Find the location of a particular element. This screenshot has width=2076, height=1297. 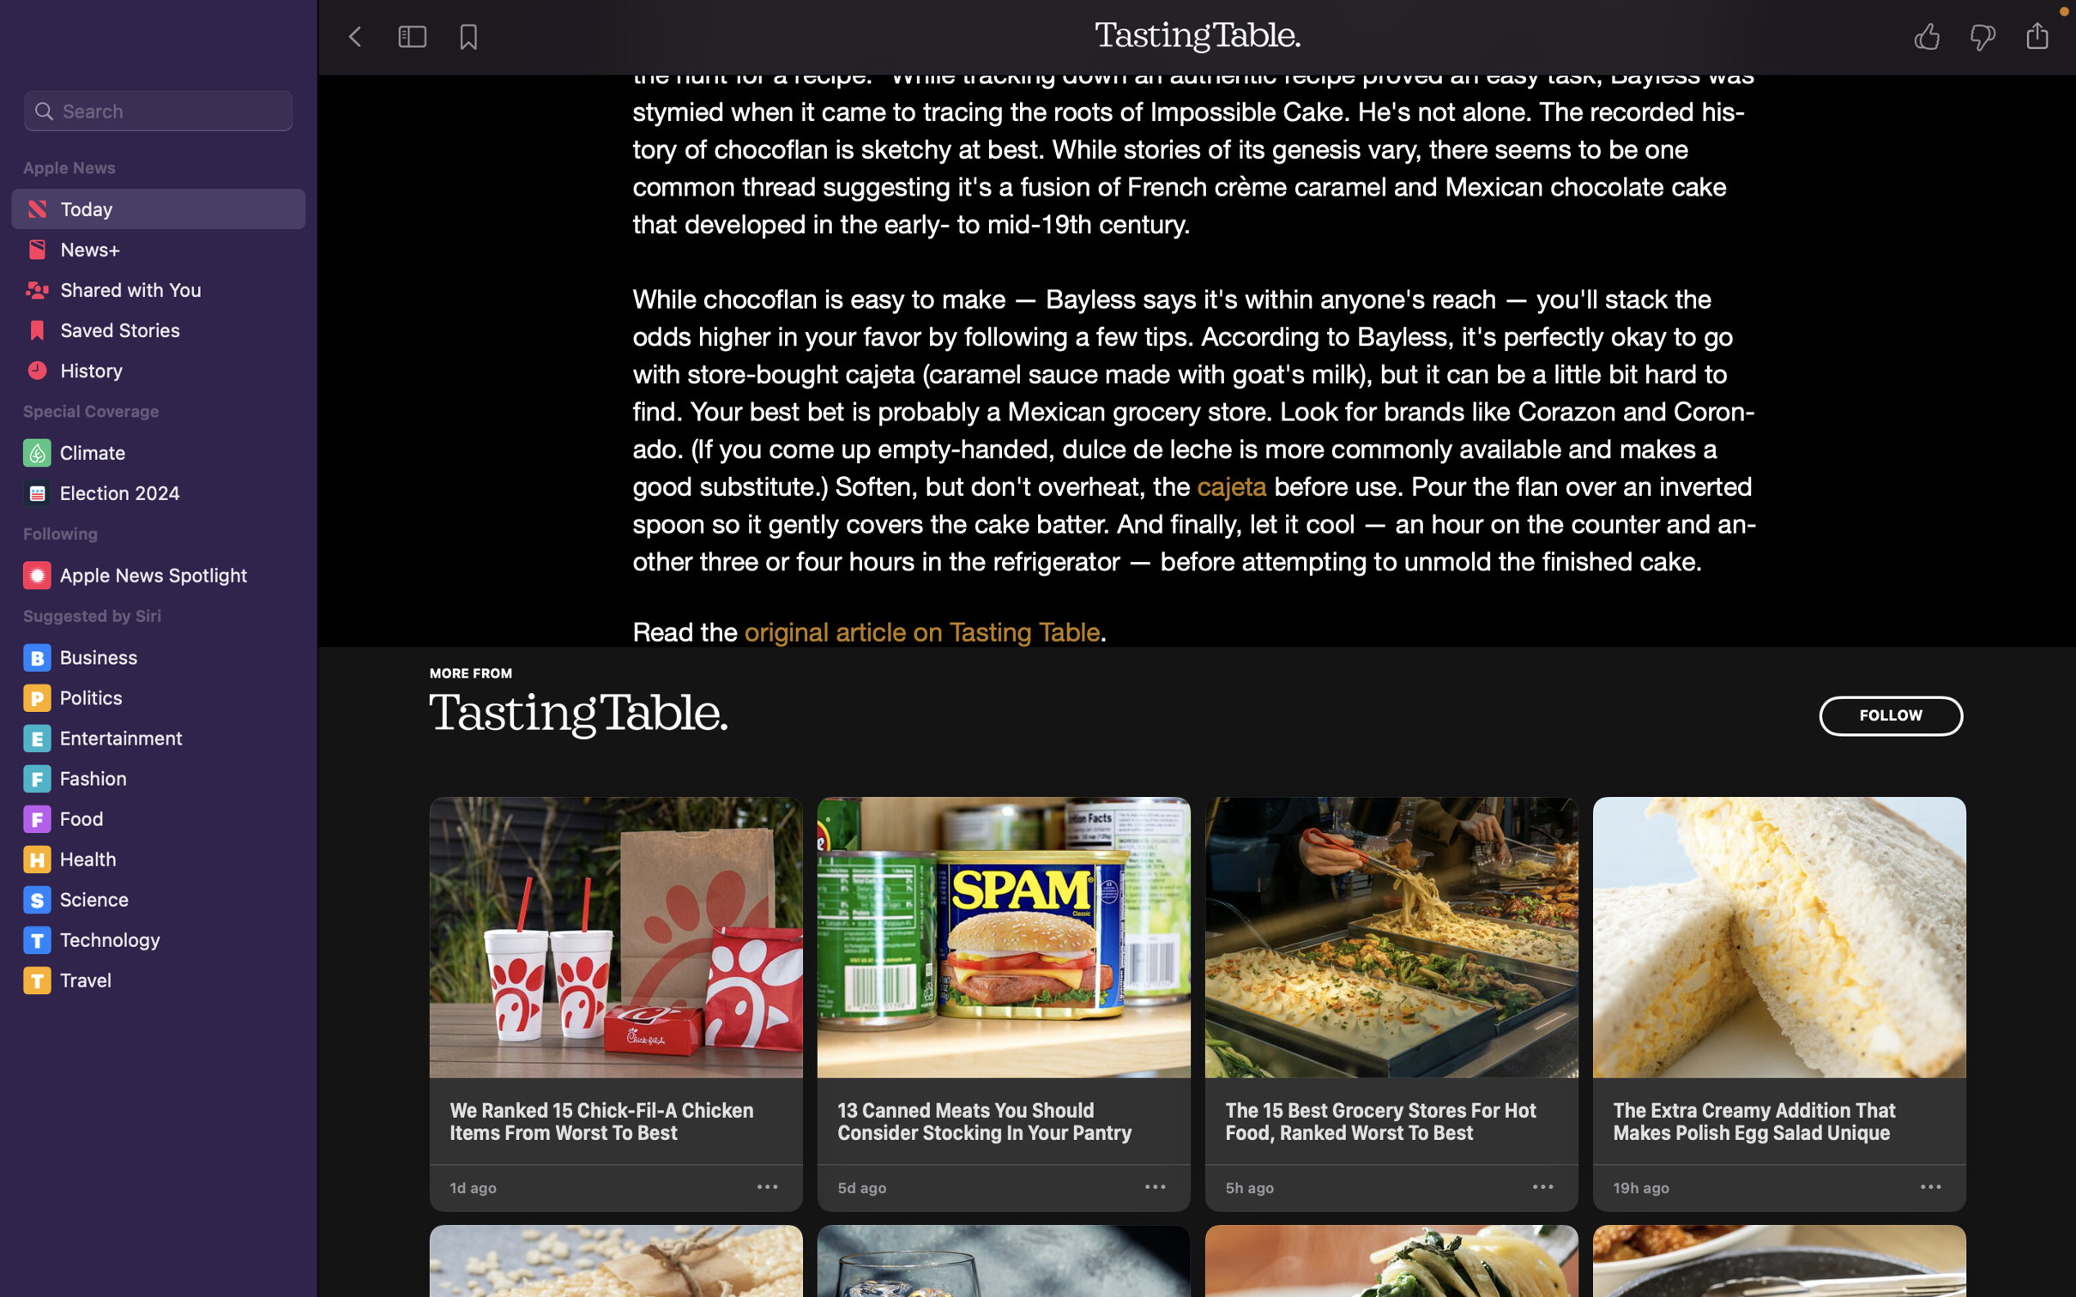

Interact with the options of the third news item listed at Tasting Table is located at coordinates (1542, 1187).